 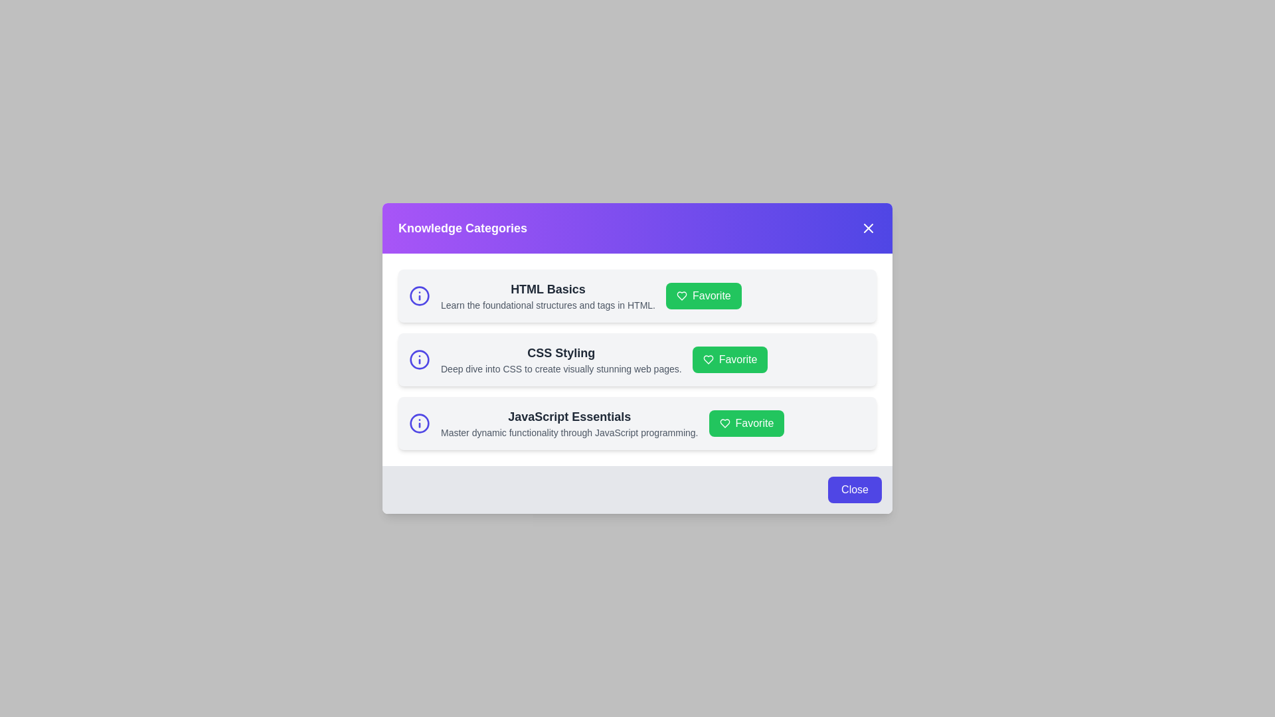 What do you see at coordinates (561, 368) in the screenshot?
I see `the text element providing a brief description of the 'CSS Styling' category, located below the 'CSS Styling' heading and above the green 'Favorite' button in the central category list` at bounding box center [561, 368].